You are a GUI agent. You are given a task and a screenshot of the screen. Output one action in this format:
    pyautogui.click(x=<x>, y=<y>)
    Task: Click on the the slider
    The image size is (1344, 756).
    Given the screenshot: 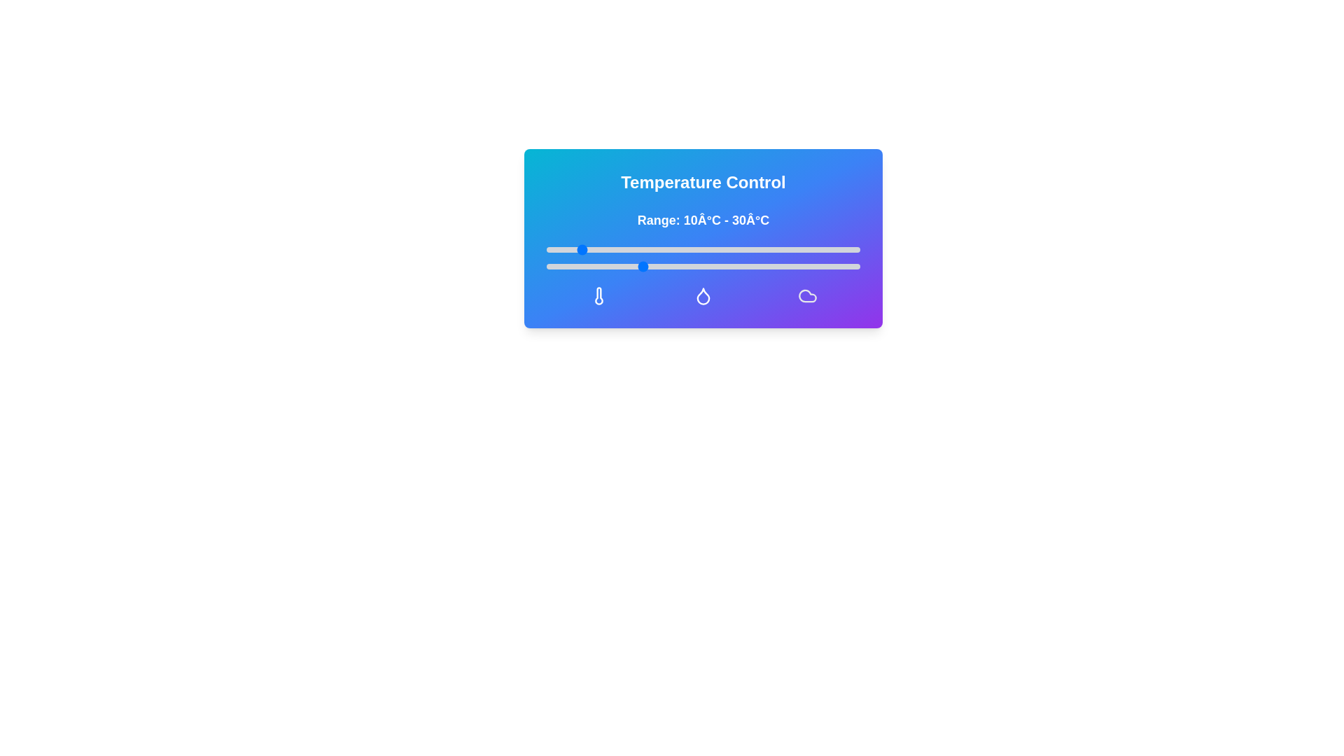 What is the action you would take?
    pyautogui.click(x=606, y=267)
    